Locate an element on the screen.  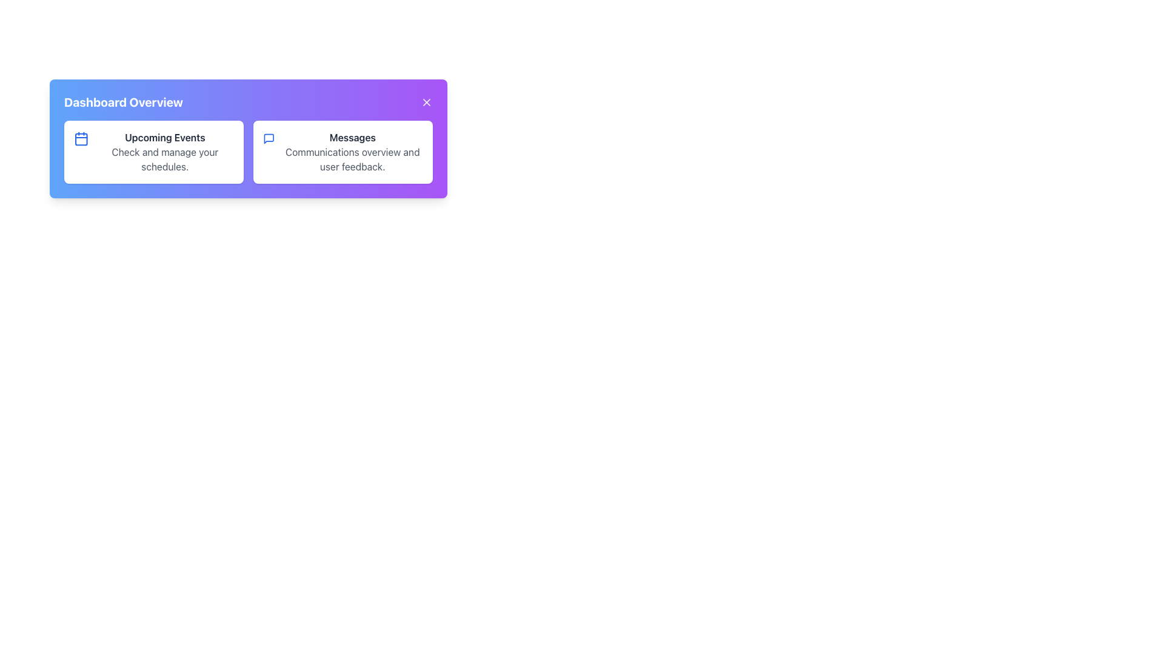
the blue speech bubble icon located to the left of the 'Messages' label on the dashboard overview pane is located at coordinates (268, 138).